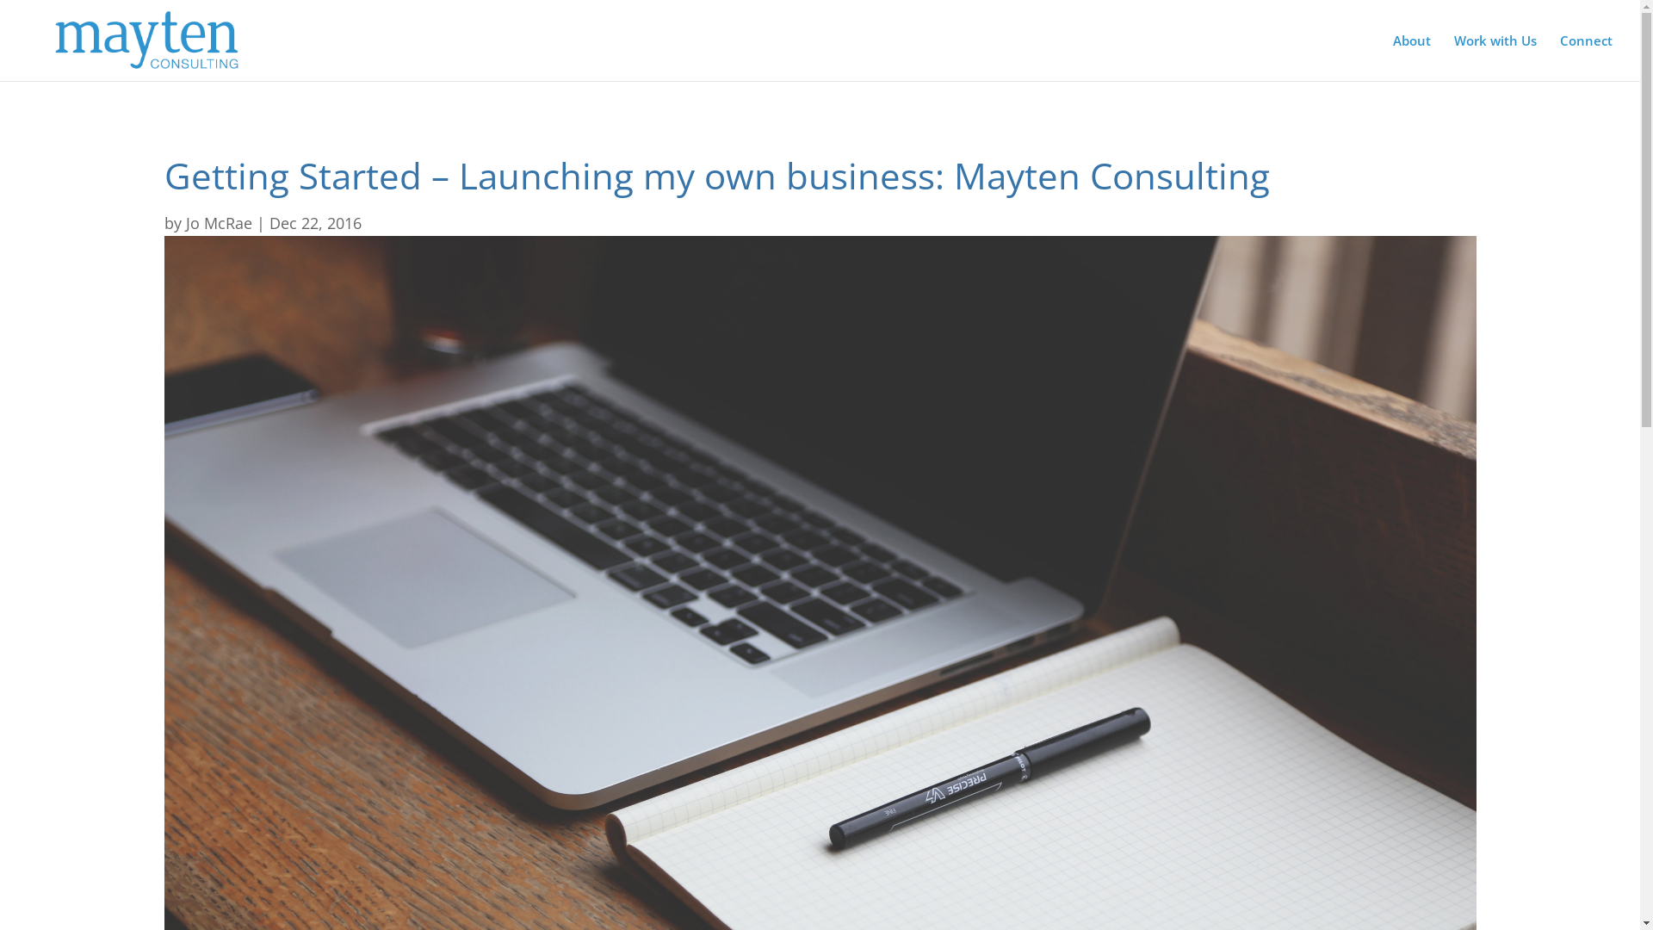 Image resolution: width=1653 pixels, height=930 pixels. Describe the element at coordinates (186, 221) in the screenshot. I see `'Jo McRae'` at that location.